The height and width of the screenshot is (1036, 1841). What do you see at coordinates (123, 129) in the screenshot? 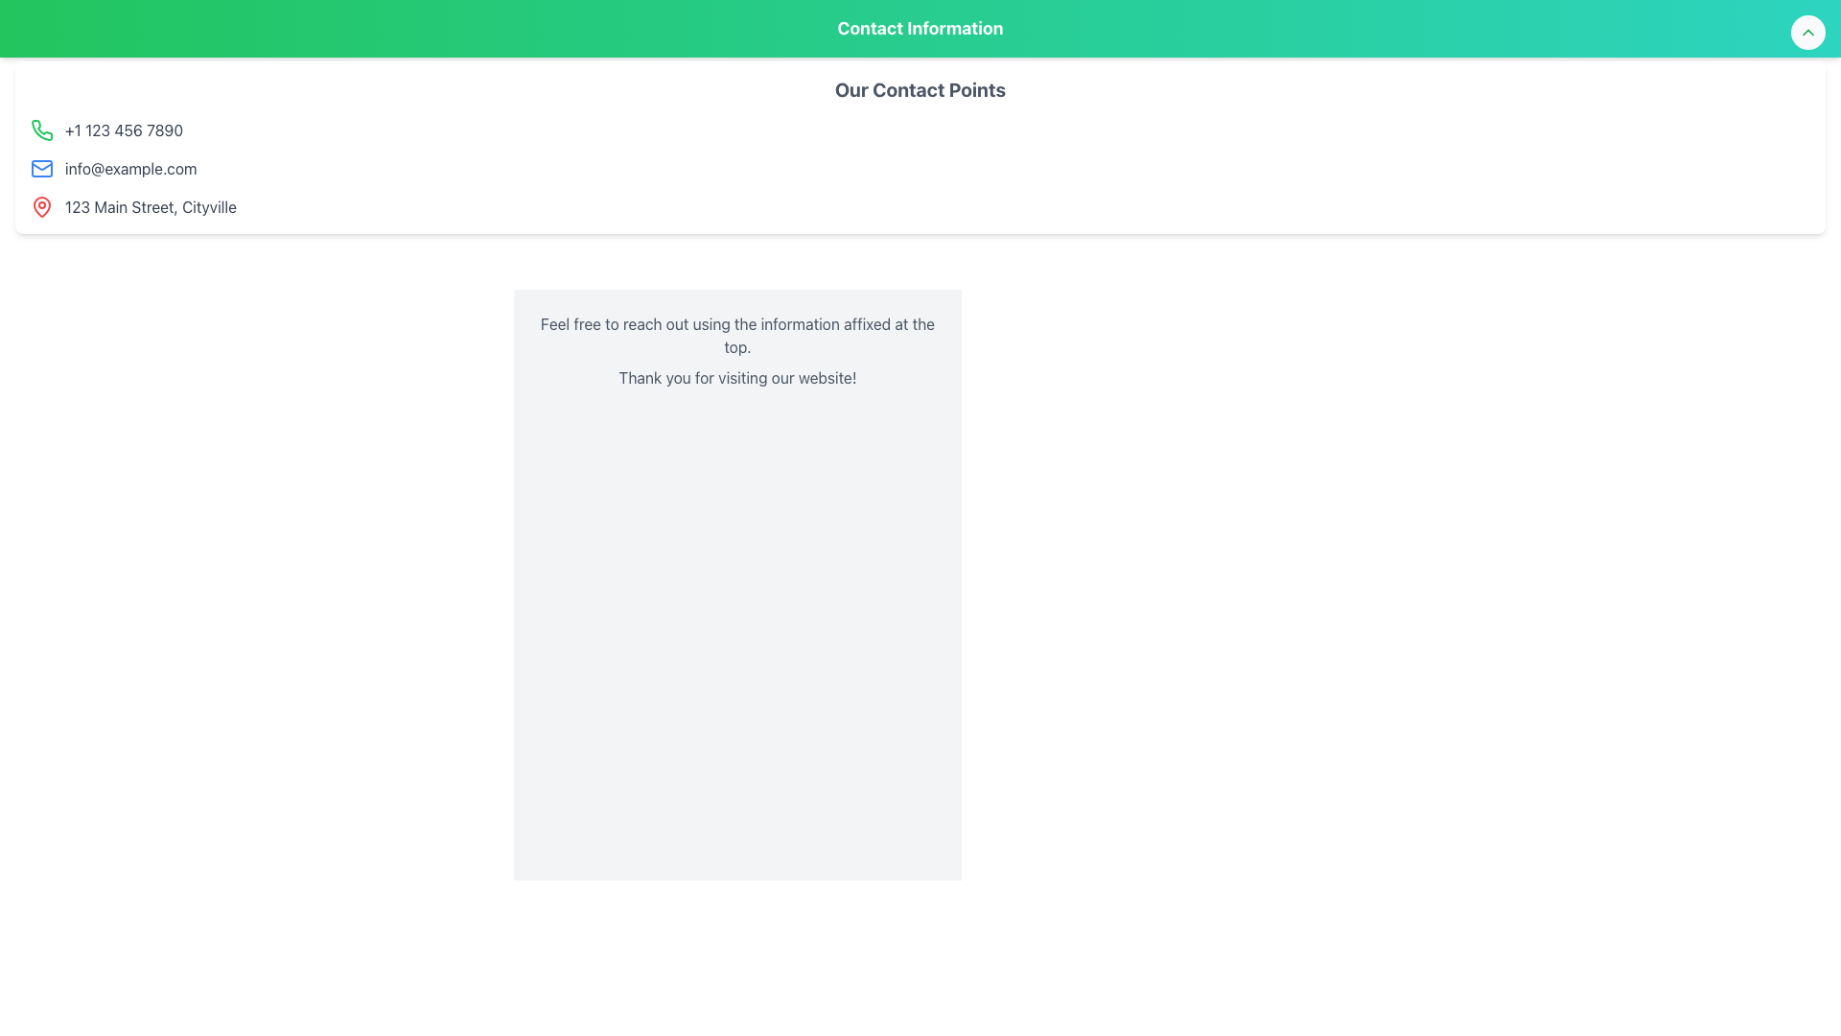
I see `phone number displayed, '+1 123 456 7890', which is styled in gray and moderately bold typography, located in the first position of the contact details list, directly to the right of a green phone icon` at bounding box center [123, 129].